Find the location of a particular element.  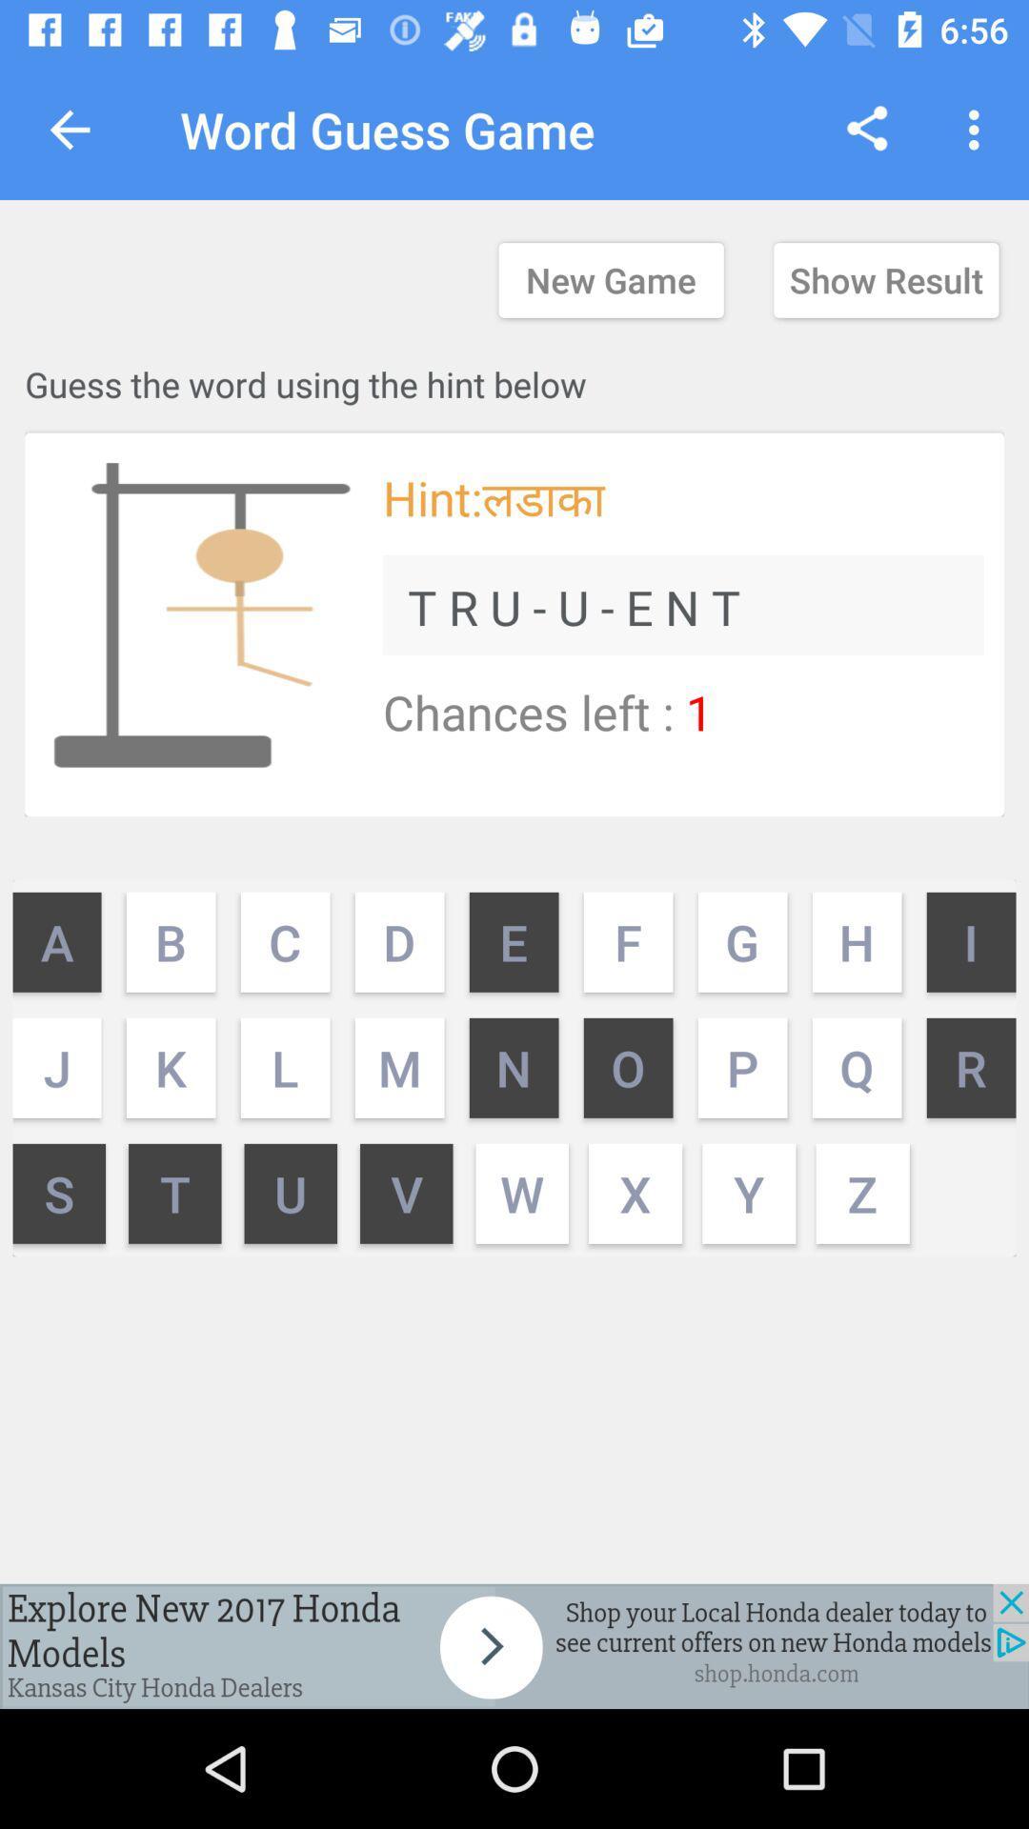

the advertisement is located at coordinates (514, 1645).